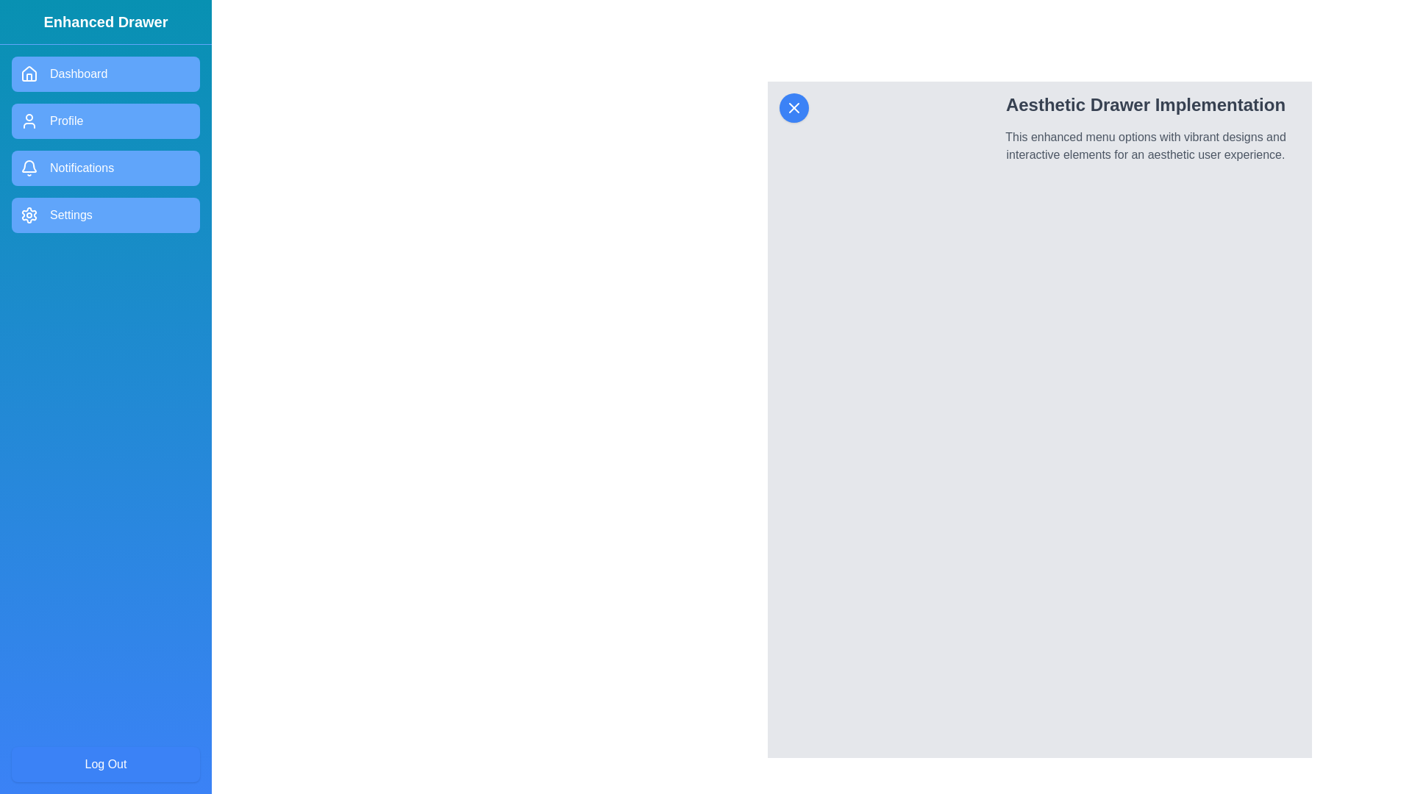 This screenshot has height=794, width=1412. What do you see at coordinates (105, 74) in the screenshot?
I see `the 'Dashboard' button located at the top of the sidebar menu, which has a light blue background and contains a house icon on the left and the text 'Dashboard' on the right` at bounding box center [105, 74].